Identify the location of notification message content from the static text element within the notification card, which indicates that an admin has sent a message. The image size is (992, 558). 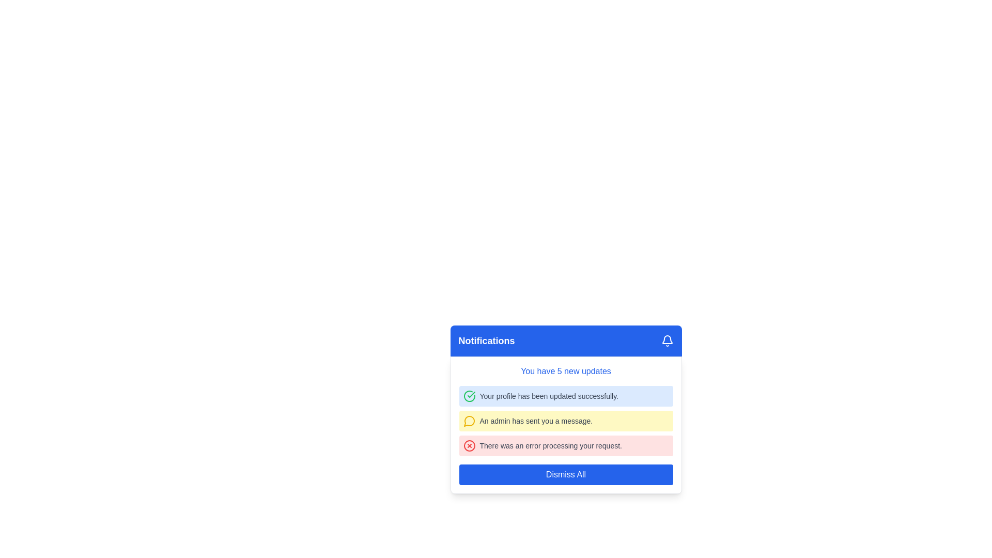
(536, 421).